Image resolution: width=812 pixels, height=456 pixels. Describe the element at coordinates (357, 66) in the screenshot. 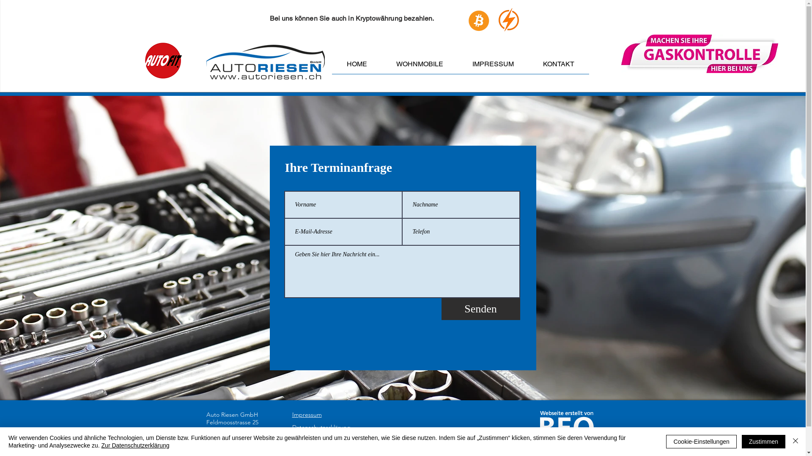

I see `'HOME'` at that location.